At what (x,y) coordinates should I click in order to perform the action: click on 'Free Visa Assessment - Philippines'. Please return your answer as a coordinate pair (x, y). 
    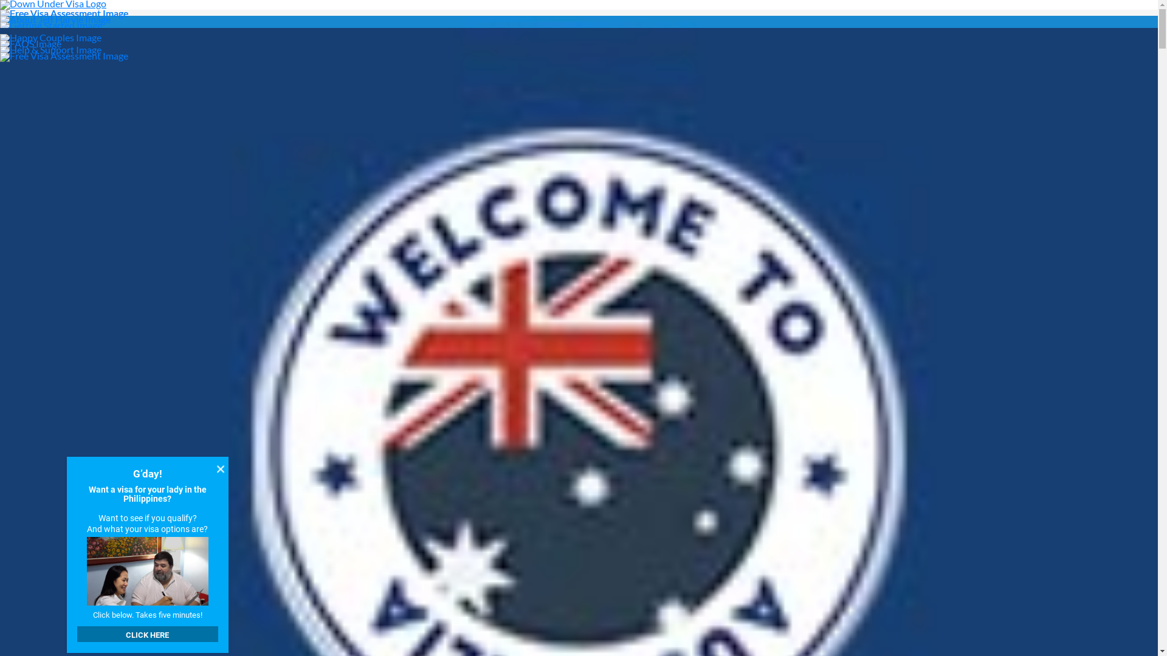
    Looking at the image, I should click on (0, 12).